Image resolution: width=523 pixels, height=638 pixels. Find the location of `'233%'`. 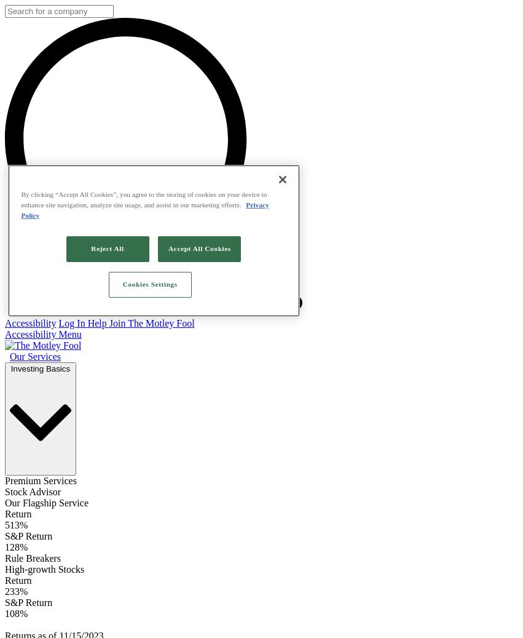

'233%' is located at coordinates (15, 591).